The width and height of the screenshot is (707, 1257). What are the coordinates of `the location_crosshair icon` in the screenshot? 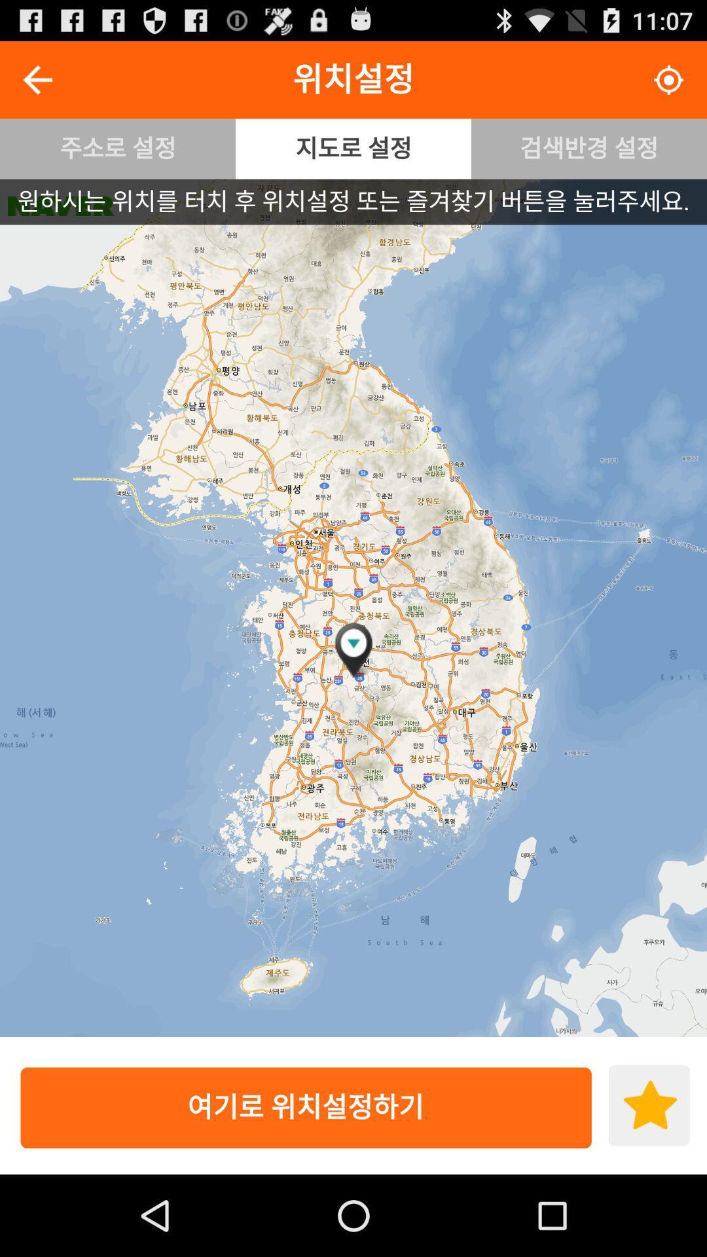 It's located at (668, 84).